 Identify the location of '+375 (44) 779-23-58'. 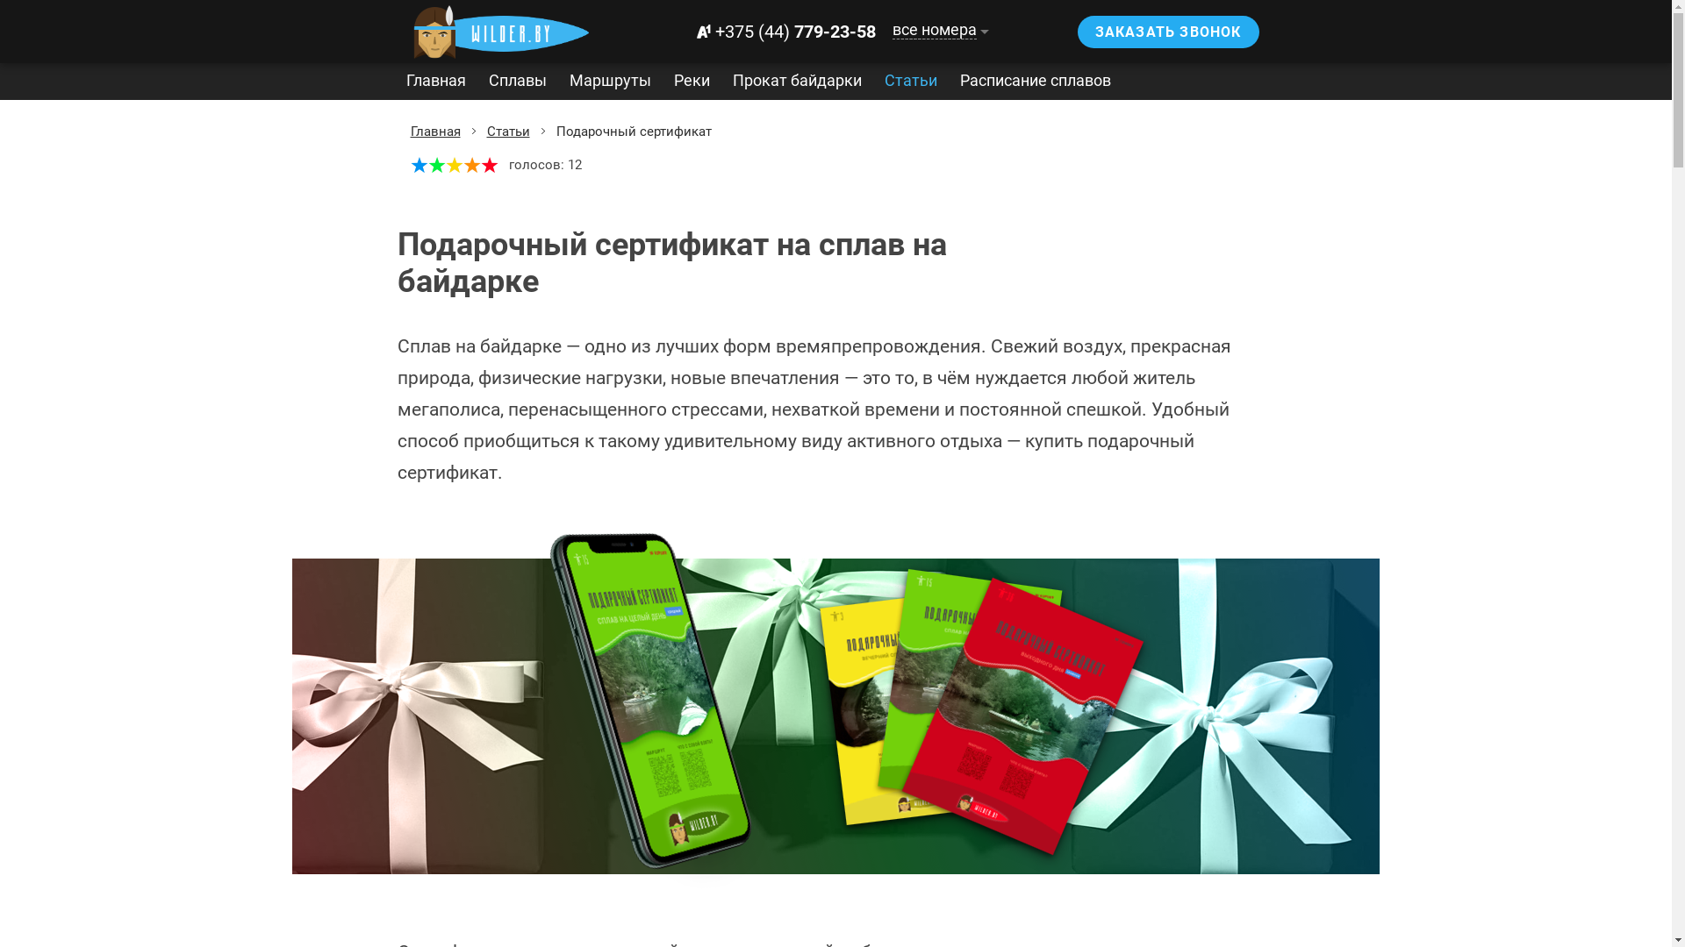
(781, 31).